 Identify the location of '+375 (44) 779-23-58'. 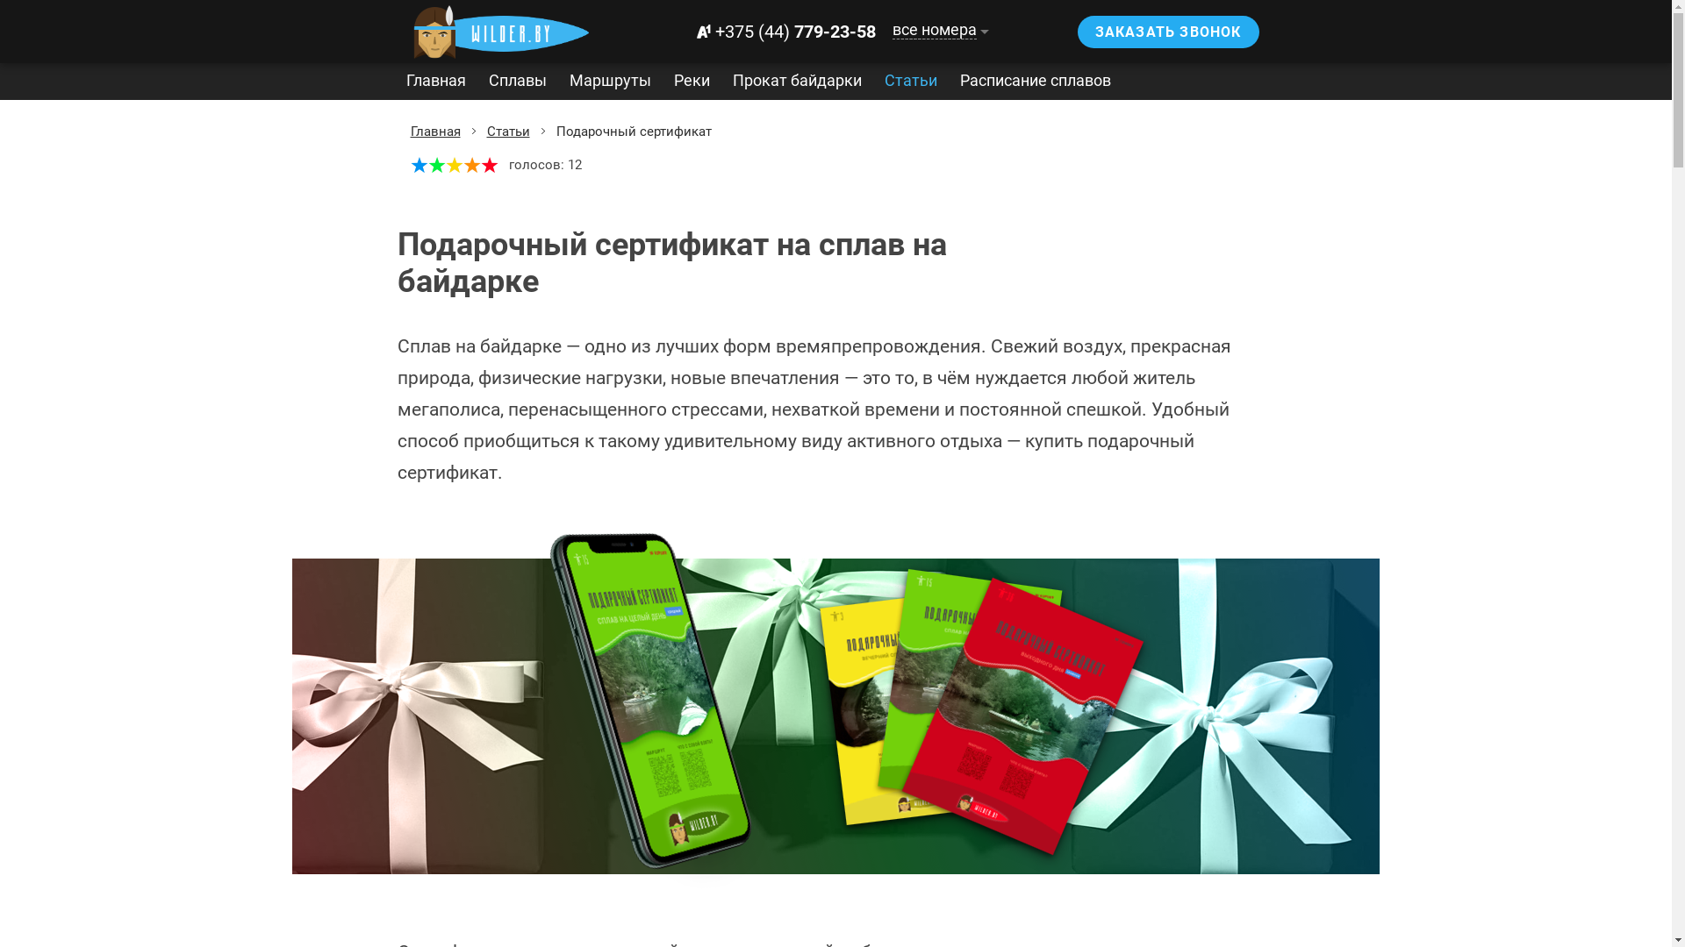
(781, 31).